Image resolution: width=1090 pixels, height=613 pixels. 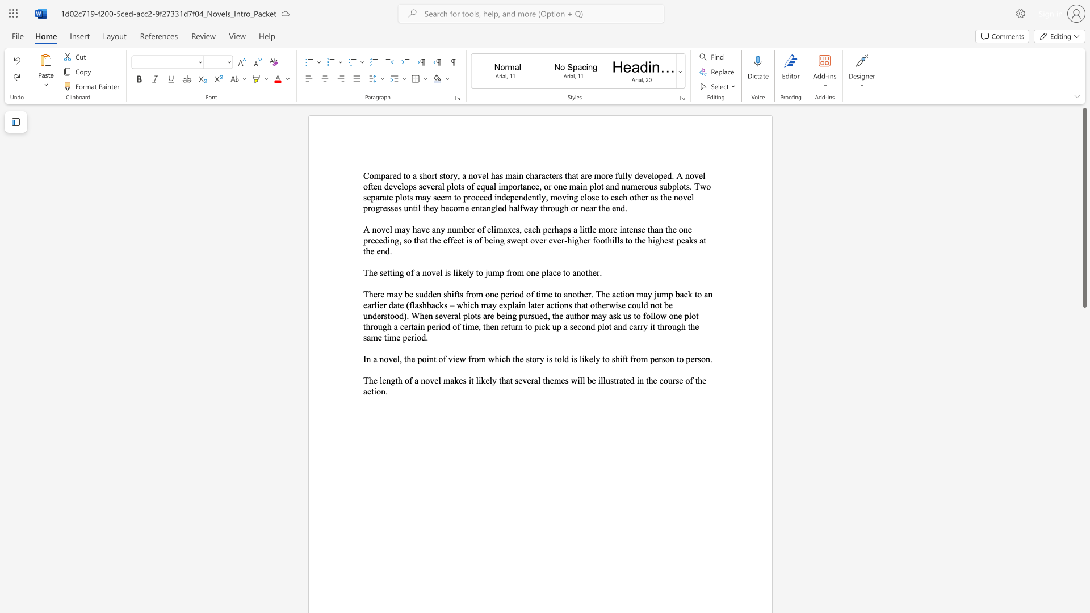 What do you see at coordinates (425, 208) in the screenshot?
I see `the subset text "hey become entangled halfway through or near the end." within the text "Compared to a short story, a novel has main characters that are more fully developed. A novel often develops several plots of equal importance, or one main plot and numerous subplots. Two separate plots may seem to proceed independently, moving close to each other as the novel progresses until they become entangled halfway through or near the end."` at bounding box center [425, 208].